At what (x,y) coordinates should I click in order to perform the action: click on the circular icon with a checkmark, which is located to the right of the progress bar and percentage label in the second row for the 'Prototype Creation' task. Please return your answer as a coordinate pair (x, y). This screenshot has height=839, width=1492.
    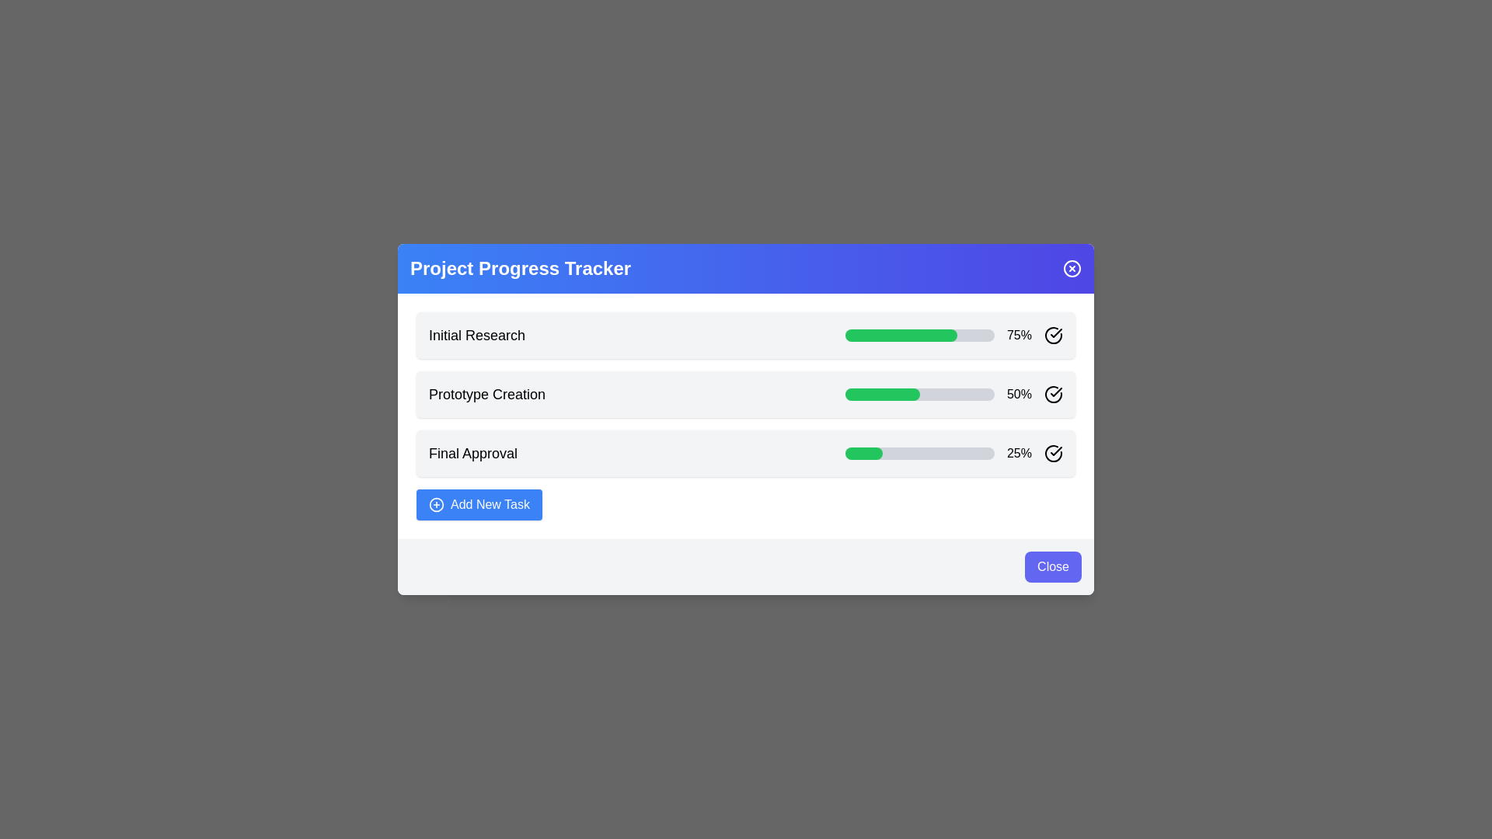
    Looking at the image, I should click on (1054, 335).